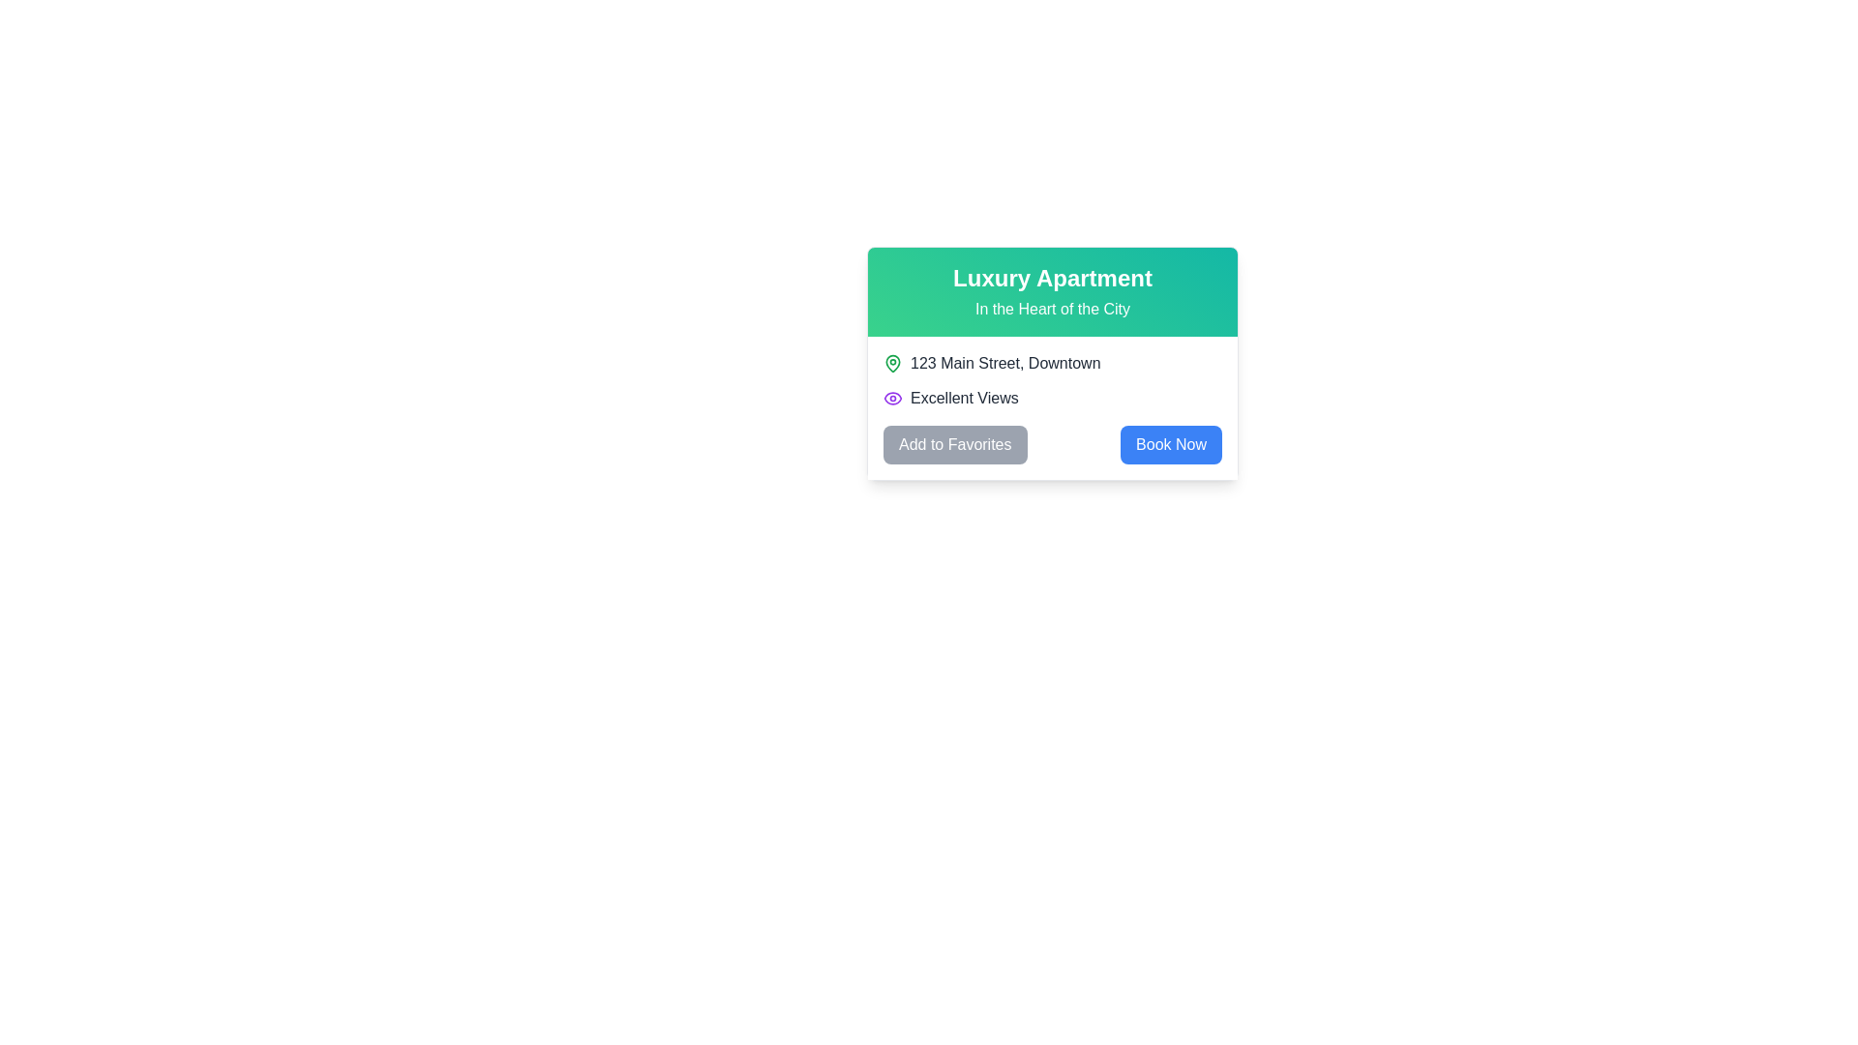 The width and height of the screenshot is (1858, 1045). Describe the element at coordinates (955, 444) in the screenshot. I see `the 'Add to Favorites' button located at the bottom-left corner of the 'Luxury Apartment' card to change its background color` at that location.